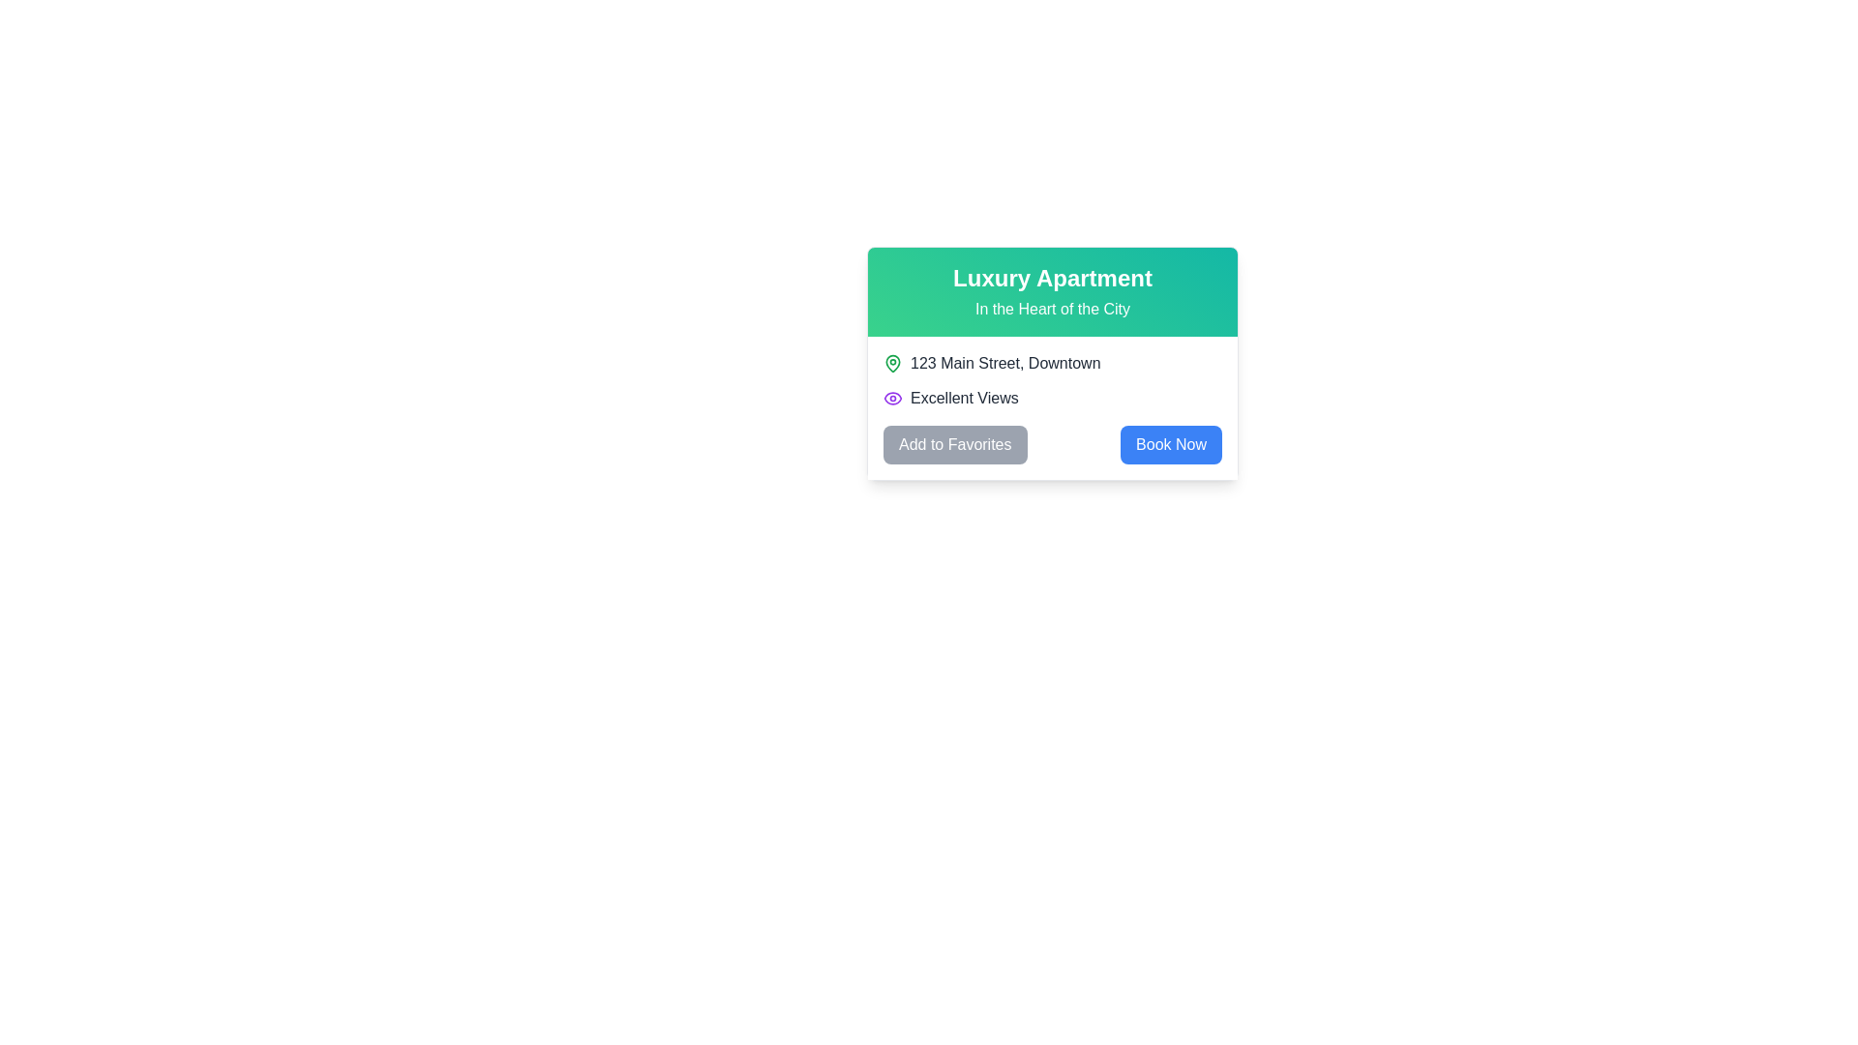 The width and height of the screenshot is (1858, 1045). Describe the element at coordinates (955, 444) in the screenshot. I see `the 'Add to Favorites' button located at the bottom-left corner of the 'Luxury Apartment' card to change its background color` at that location.